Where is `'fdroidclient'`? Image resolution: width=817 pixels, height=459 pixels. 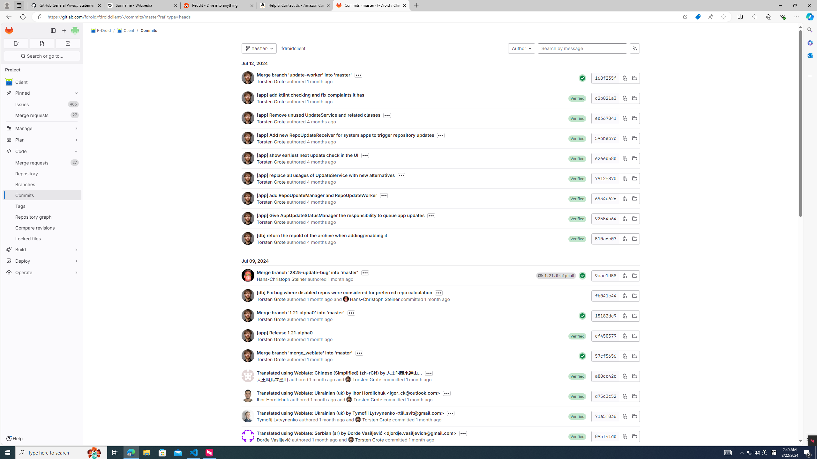 'fdroidclient' is located at coordinates (293, 48).